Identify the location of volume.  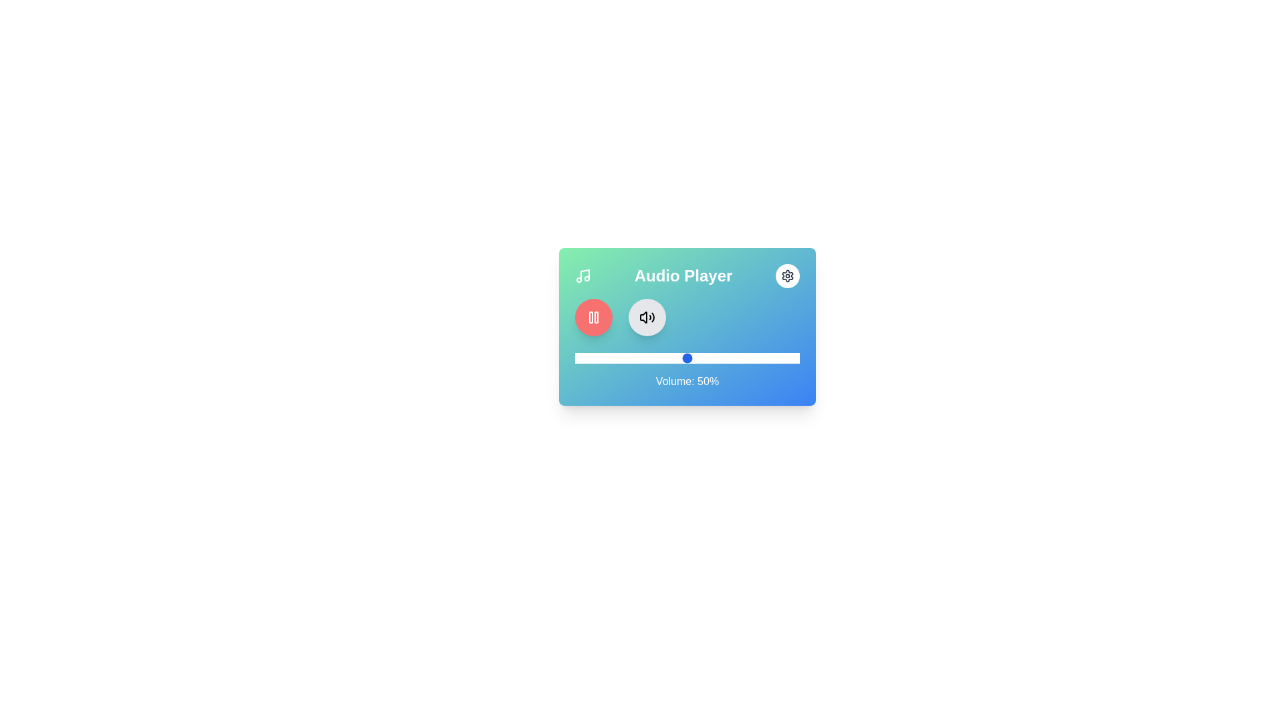
(606, 358).